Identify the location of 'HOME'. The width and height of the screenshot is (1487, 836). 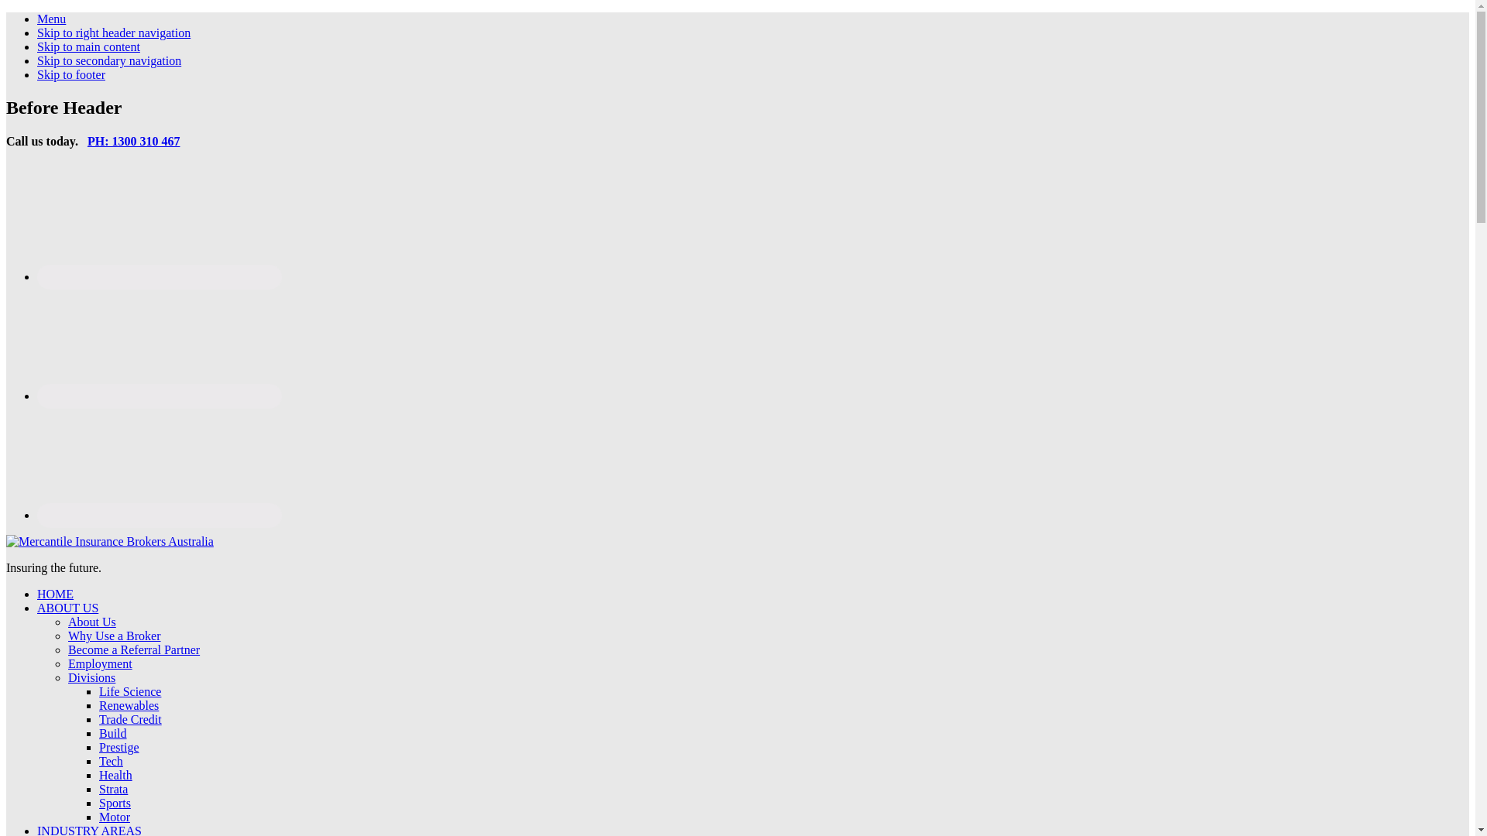
(55, 593).